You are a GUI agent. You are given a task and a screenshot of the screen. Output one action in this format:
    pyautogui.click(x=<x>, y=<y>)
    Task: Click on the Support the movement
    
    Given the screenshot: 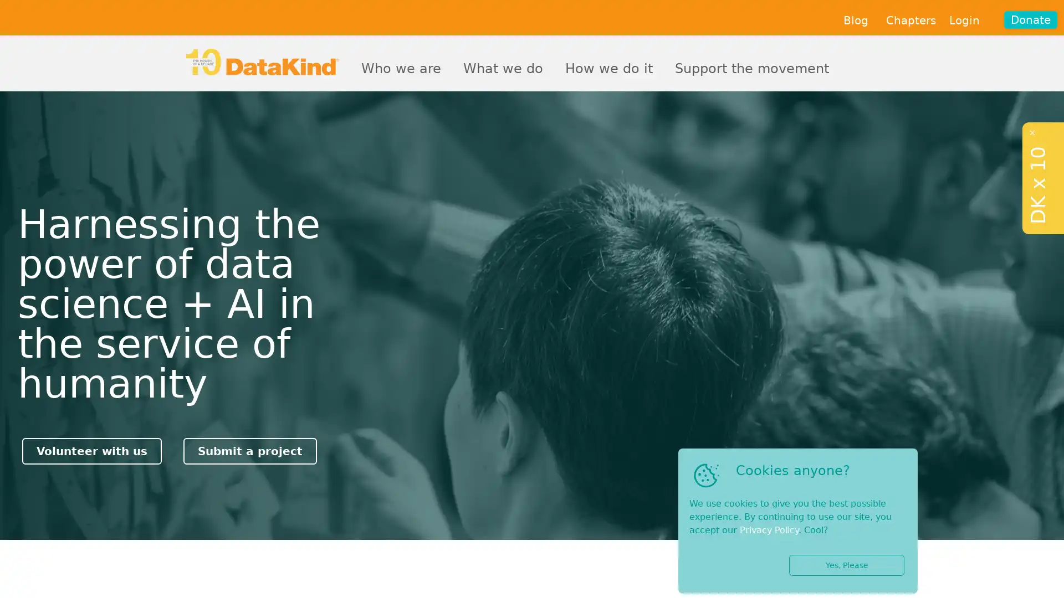 What is the action you would take?
    pyautogui.click(x=752, y=66)
    